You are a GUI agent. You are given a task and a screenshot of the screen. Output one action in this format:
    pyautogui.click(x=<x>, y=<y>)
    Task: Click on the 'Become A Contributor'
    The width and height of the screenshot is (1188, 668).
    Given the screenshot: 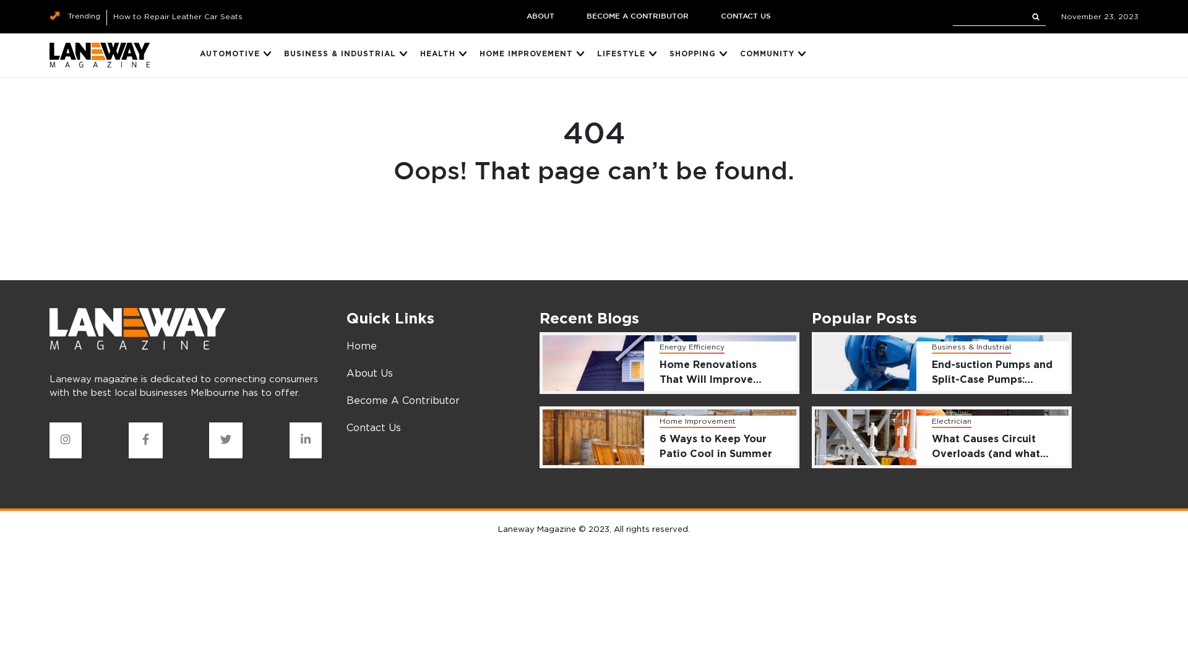 What is the action you would take?
    pyautogui.click(x=403, y=400)
    